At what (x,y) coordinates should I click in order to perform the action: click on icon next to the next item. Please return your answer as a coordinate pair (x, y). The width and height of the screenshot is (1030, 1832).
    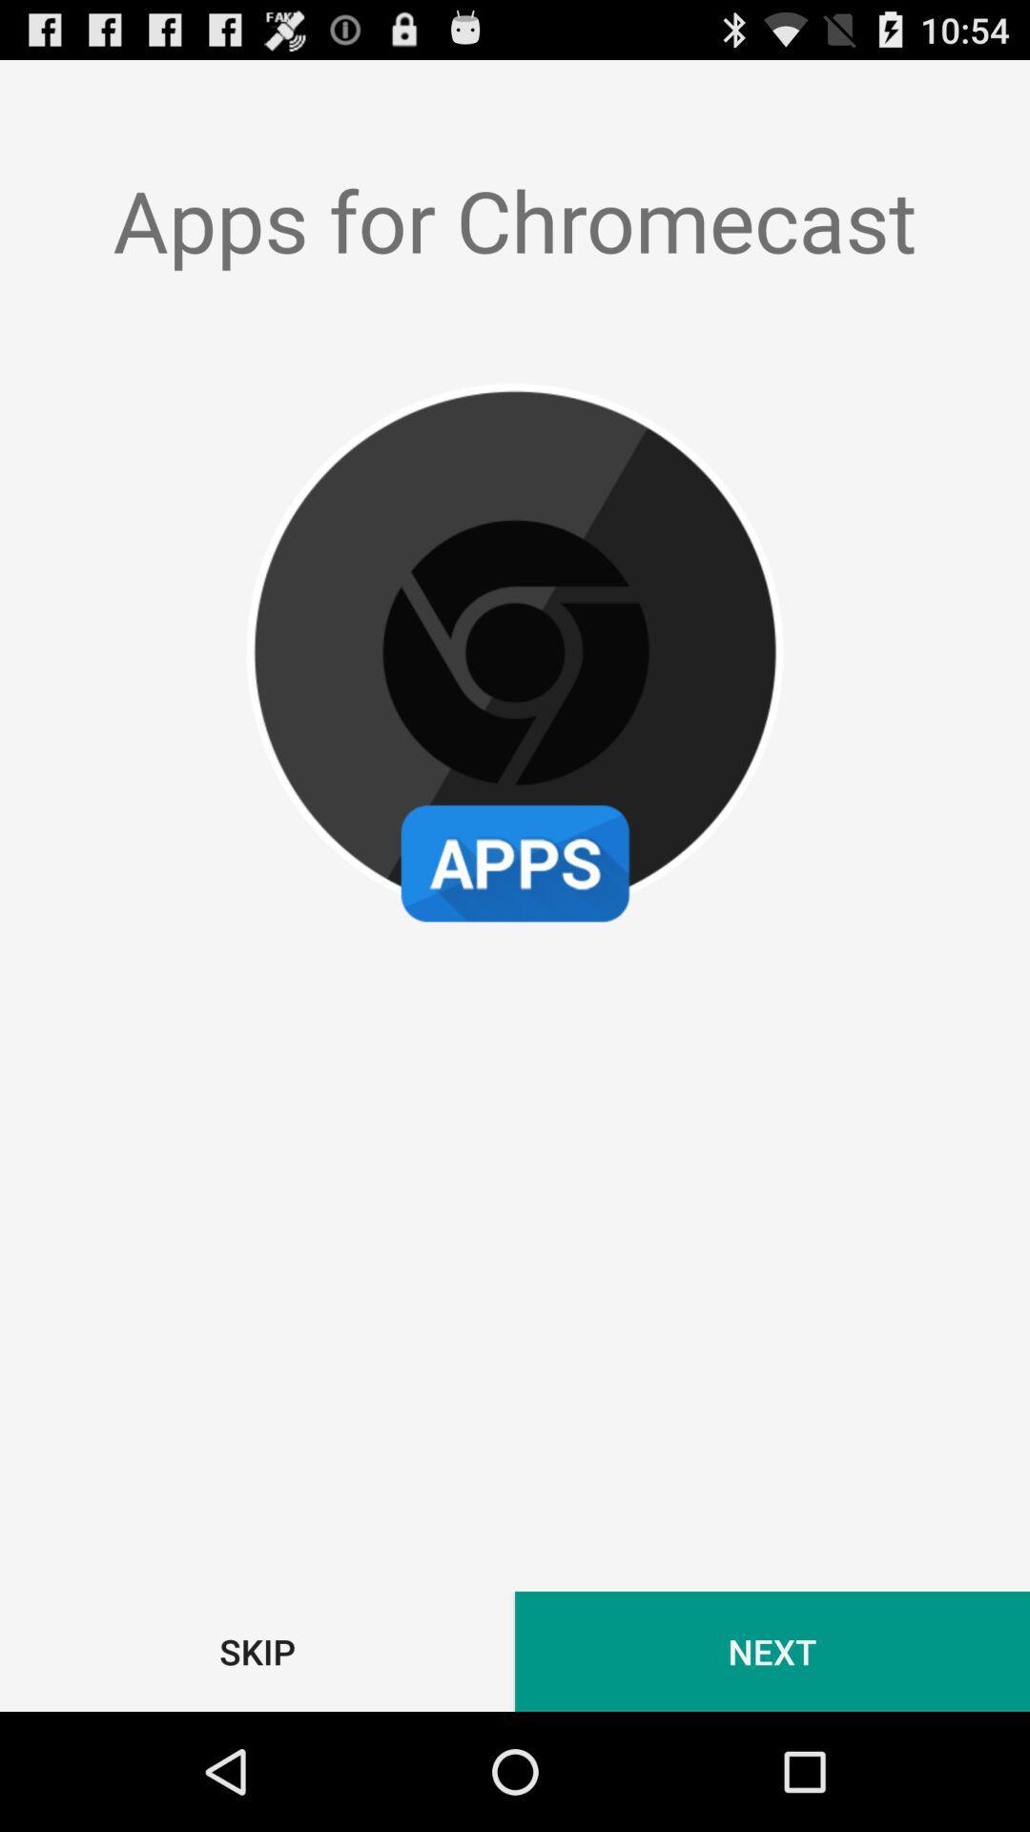
    Looking at the image, I should click on (257, 1651).